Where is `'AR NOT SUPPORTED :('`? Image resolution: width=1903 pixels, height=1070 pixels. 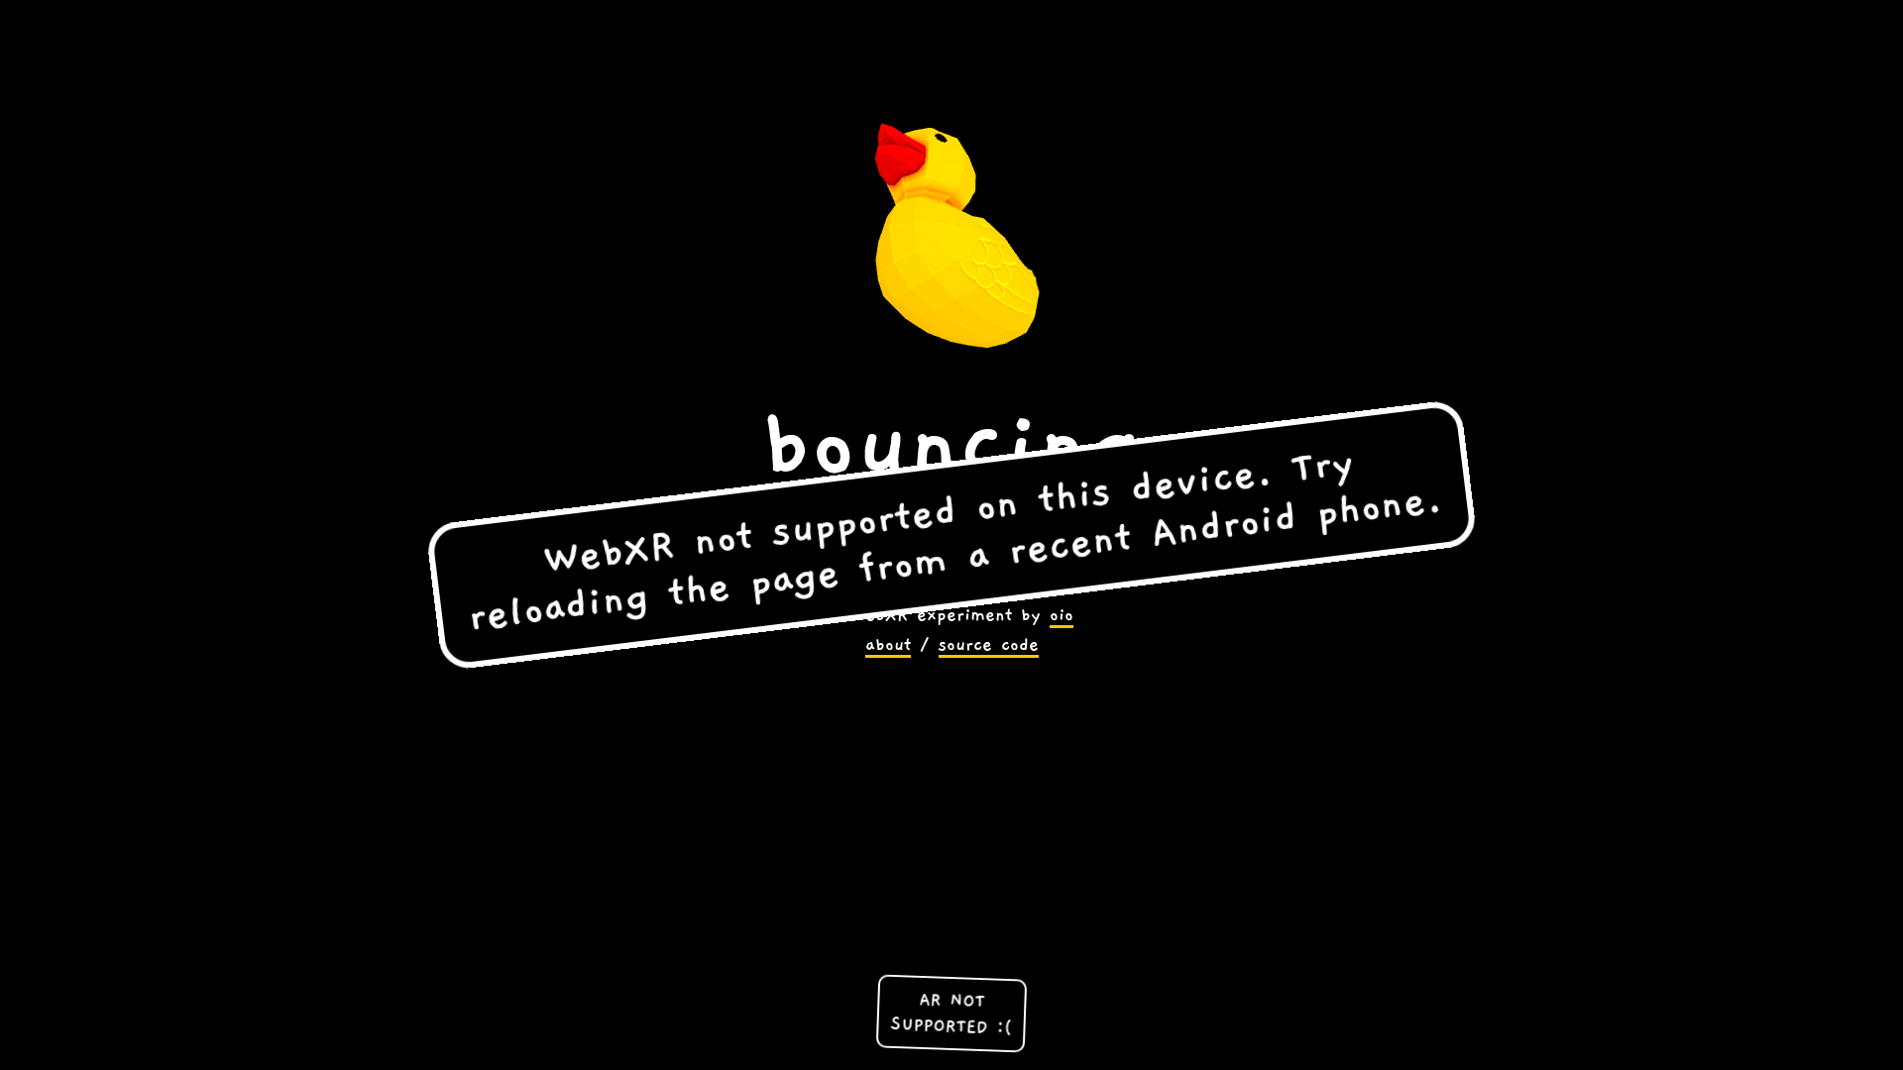 'AR NOT SUPPORTED :(' is located at coordinates (874, 1010).